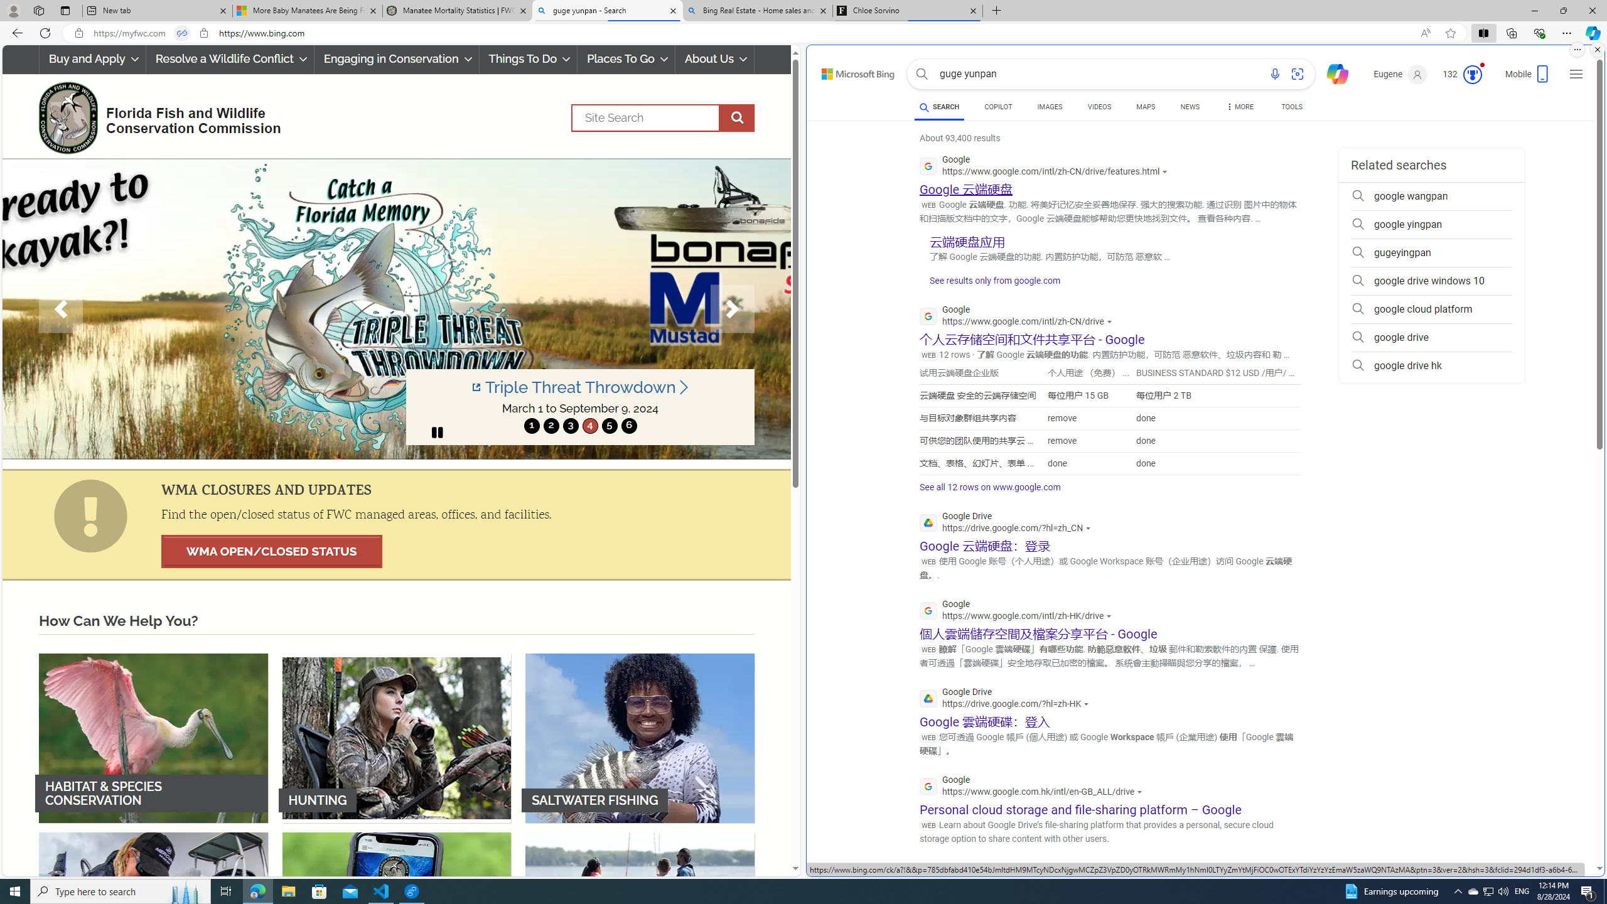 The height and width of the screenshot is (904, 1607). I want to click on 'Split screen', so click(1484, 32).